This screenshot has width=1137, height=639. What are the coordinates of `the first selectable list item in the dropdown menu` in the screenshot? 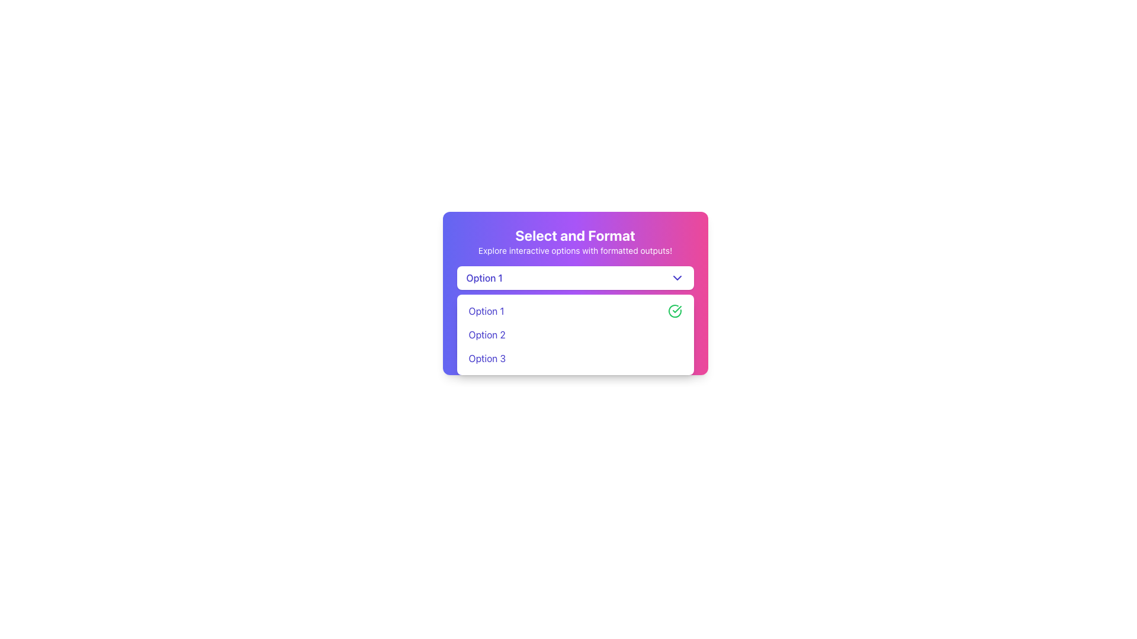 It's located at (575, 310).